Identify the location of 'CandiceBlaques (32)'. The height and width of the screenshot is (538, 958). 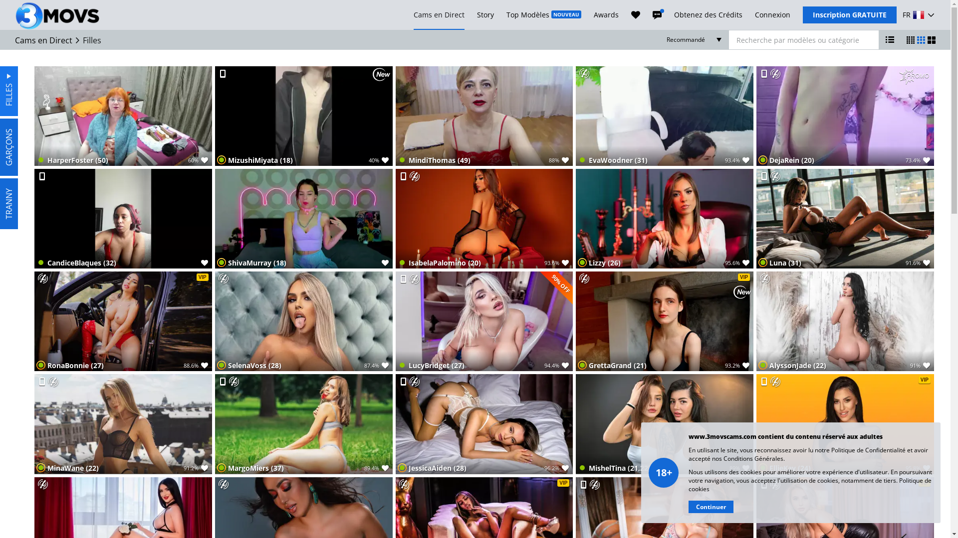
(122, 218).